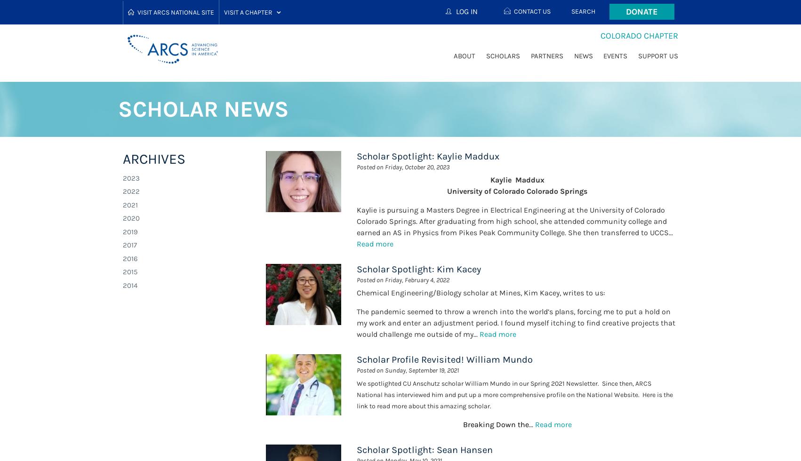  Describe the element at coordinates (615, 56) in the screenshot. I see `'Events'` at that location.